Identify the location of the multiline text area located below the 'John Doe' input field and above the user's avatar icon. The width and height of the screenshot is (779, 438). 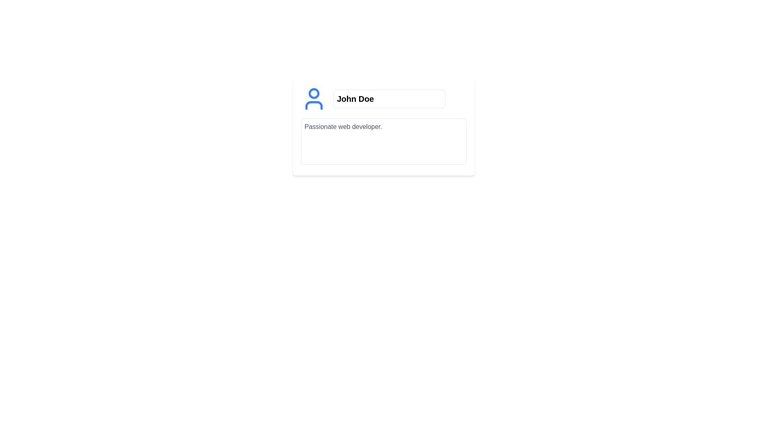
(383, 141).